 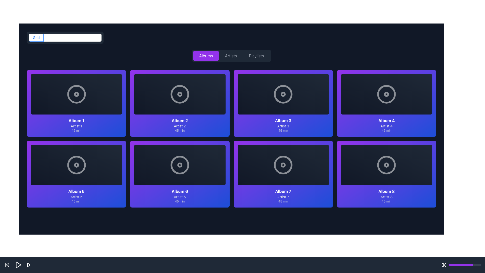 I want to click on the fill level of the horizontal progress bar located in the bottom-right corner of the interface, which features a gray background and a purple indicator, so click(x=465, y=265).